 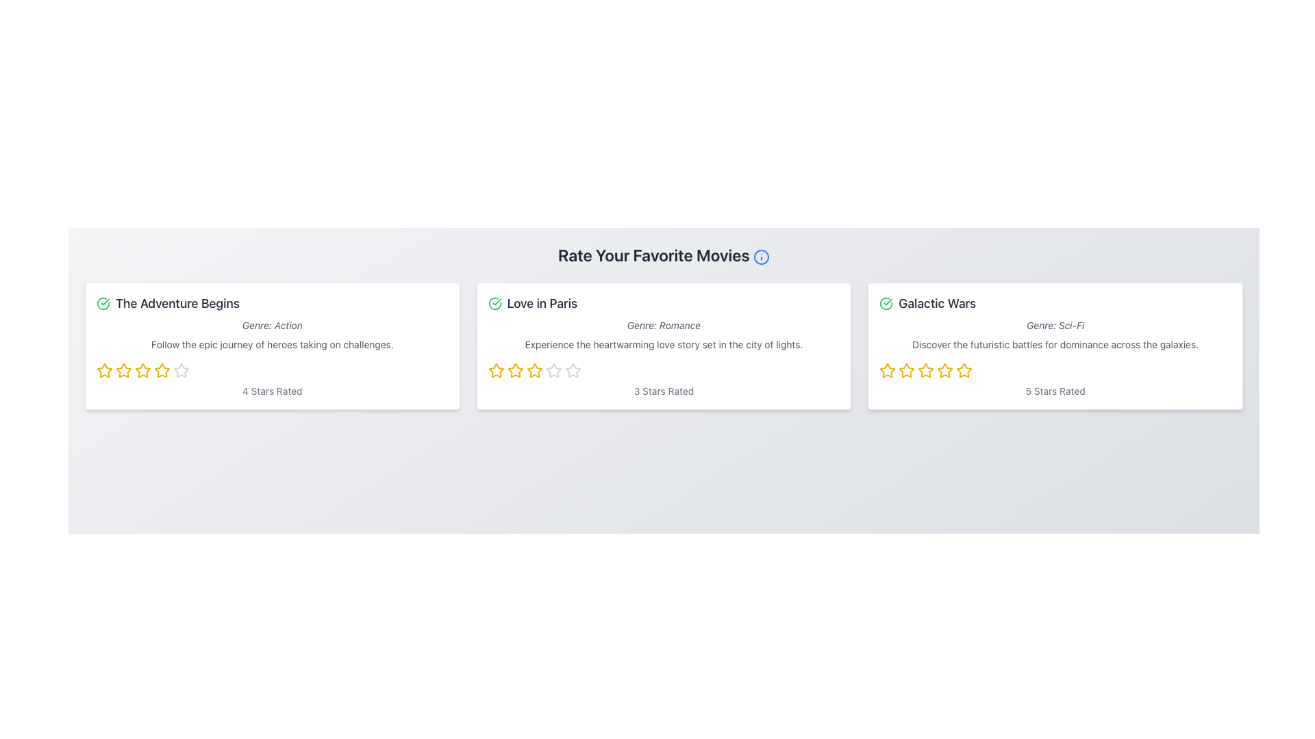 What do you see at coordinates (143, 371) in the screenshot?
I see `the fourth yellow star-shaped icon in the movie rating section to rate it` at bounding box center [143, 371].